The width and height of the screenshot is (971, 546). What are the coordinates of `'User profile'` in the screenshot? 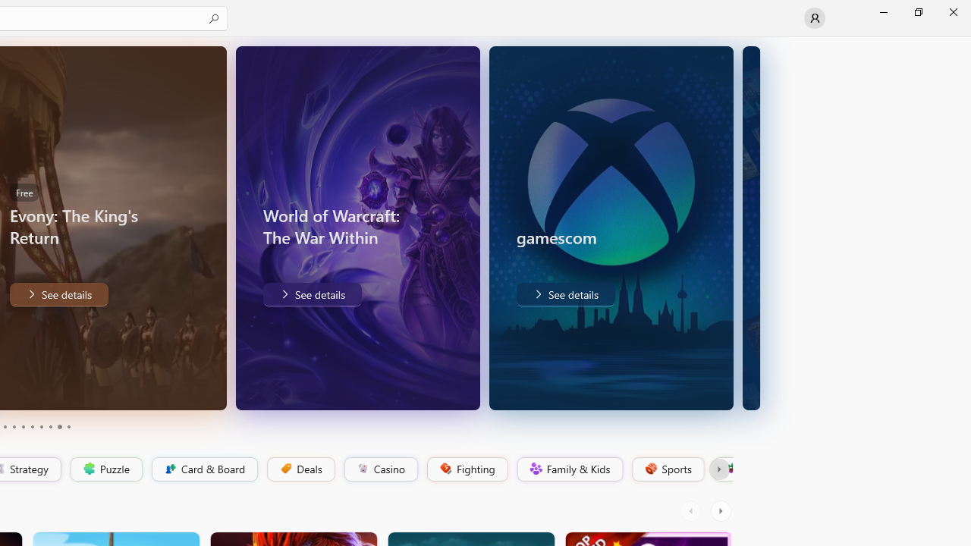 It's located at (813, 18).